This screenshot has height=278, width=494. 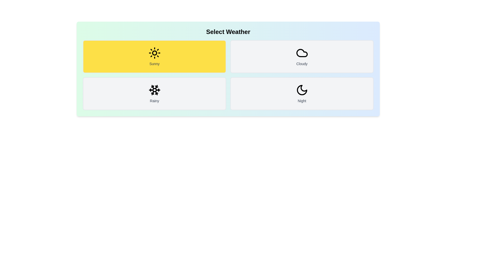 I want to click on the weather button labeled Night to observe its visual feedback, so click(x=302, y=93).